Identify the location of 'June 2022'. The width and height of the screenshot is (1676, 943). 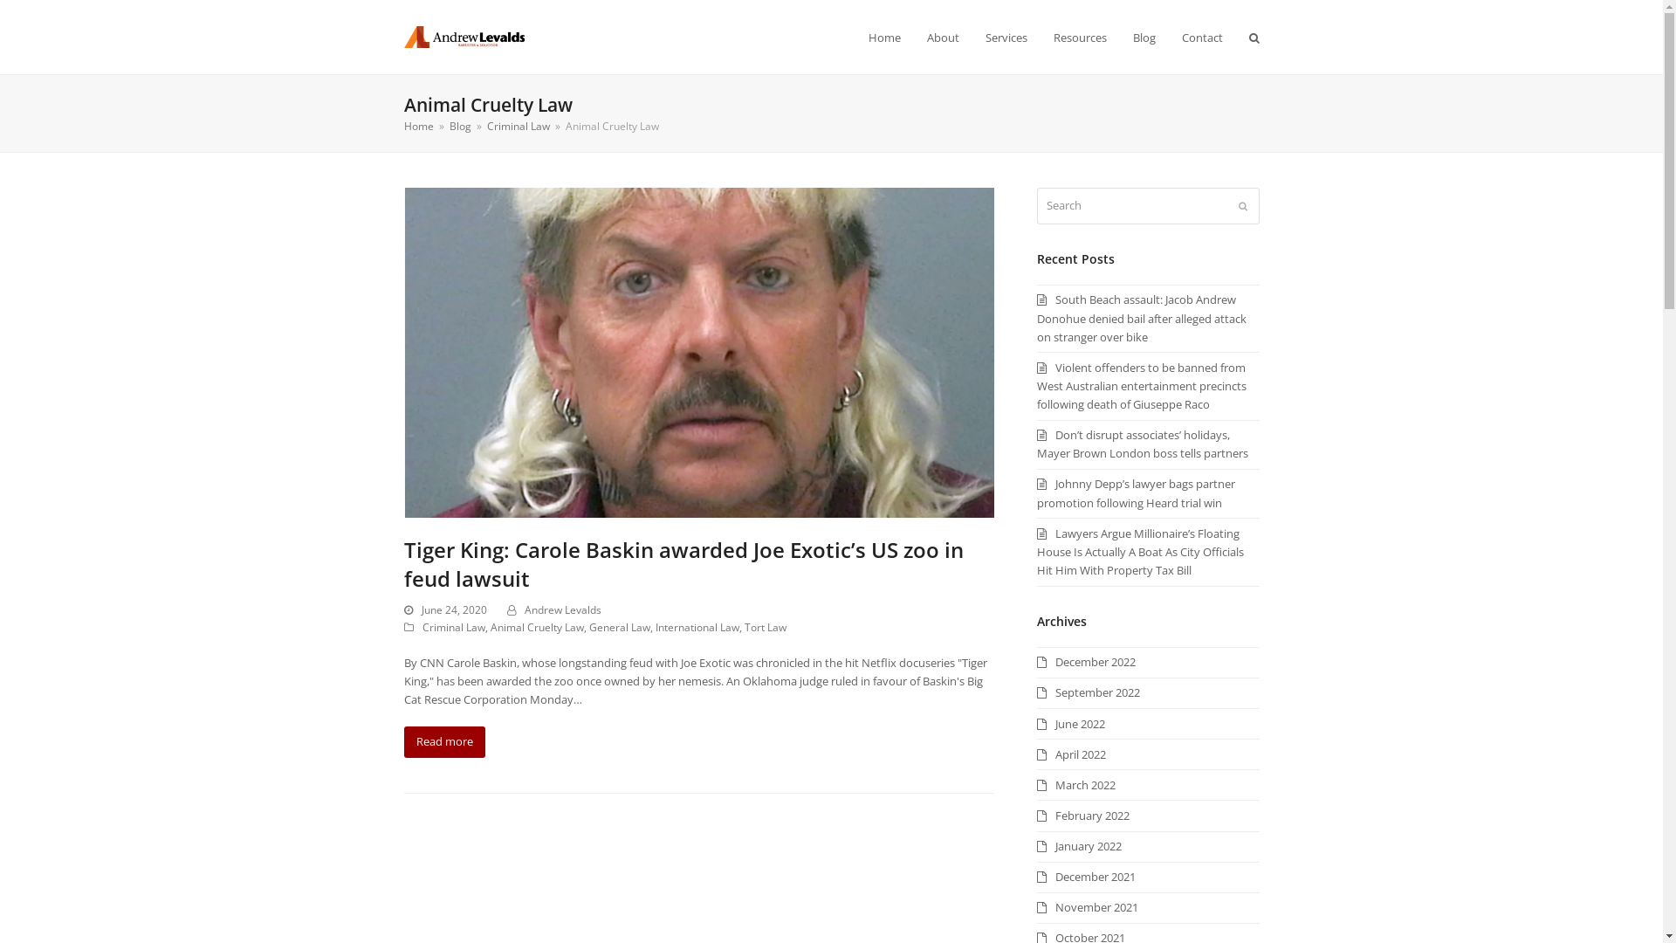
(1070, 724).